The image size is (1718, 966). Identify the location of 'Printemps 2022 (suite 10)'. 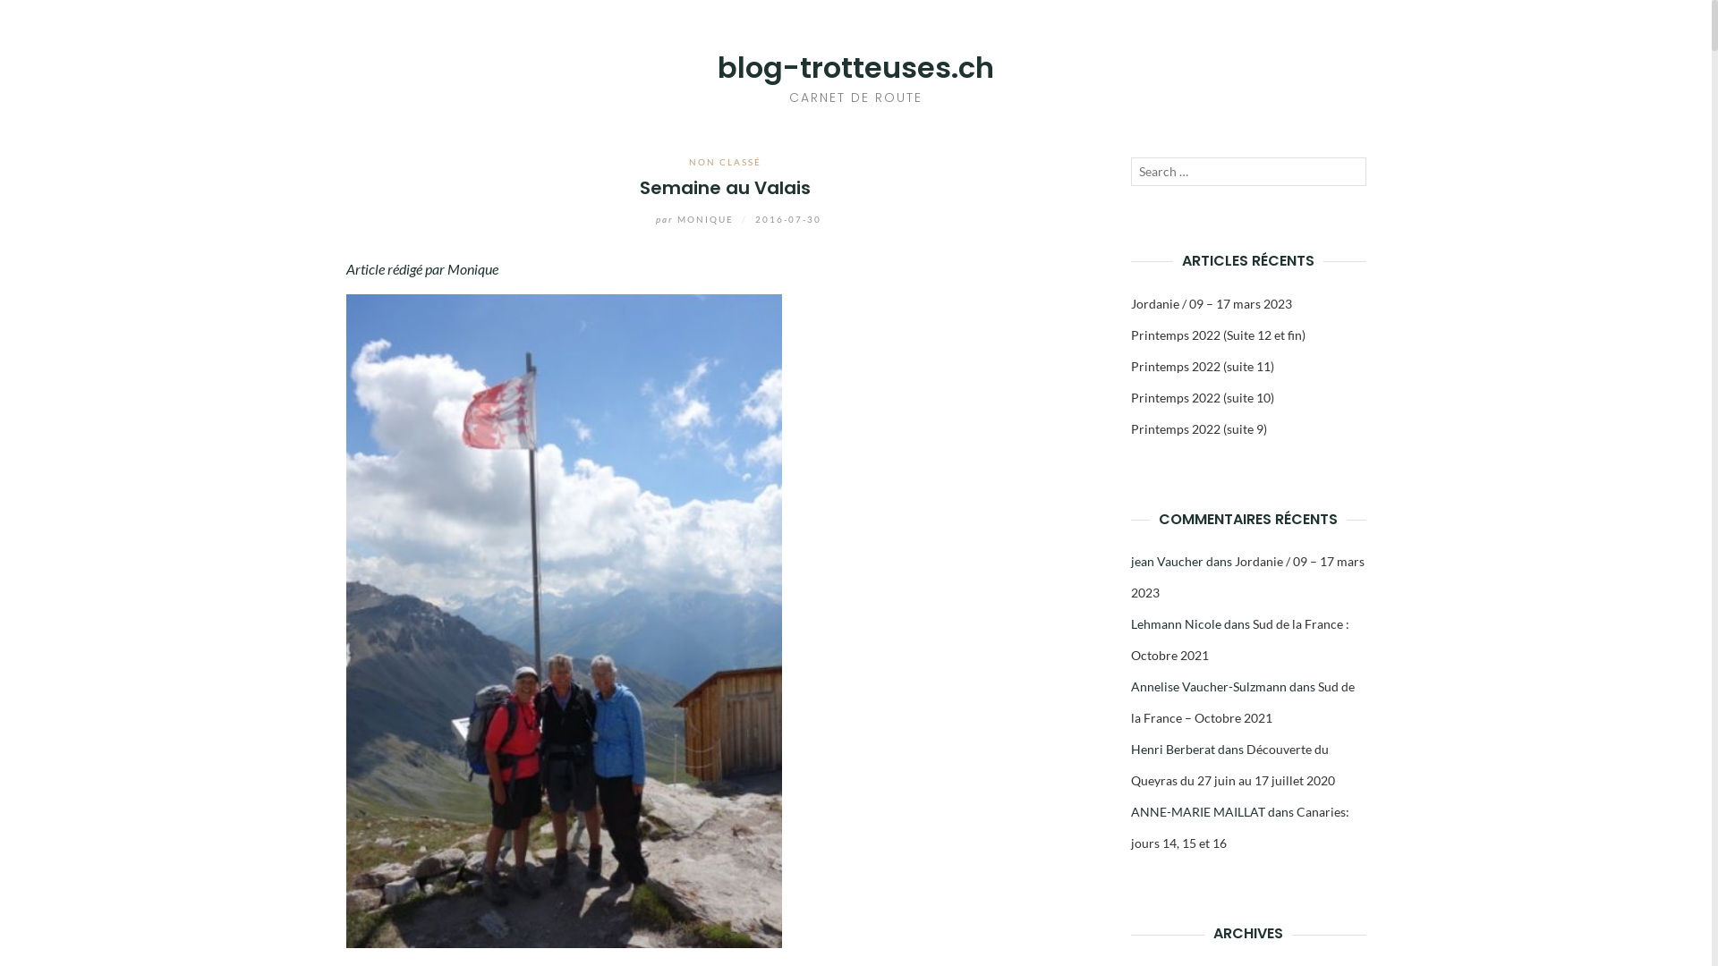
(1129, 396).